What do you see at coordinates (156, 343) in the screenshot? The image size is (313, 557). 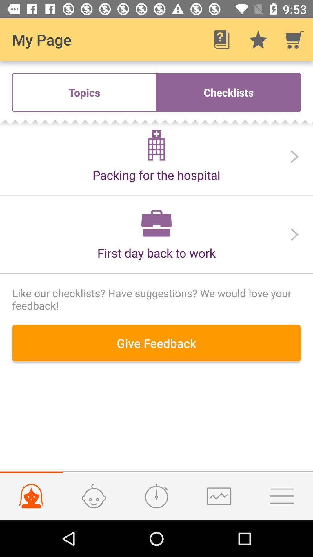 I see `the icon below like our checklists item` at bounding box center [156, 343].